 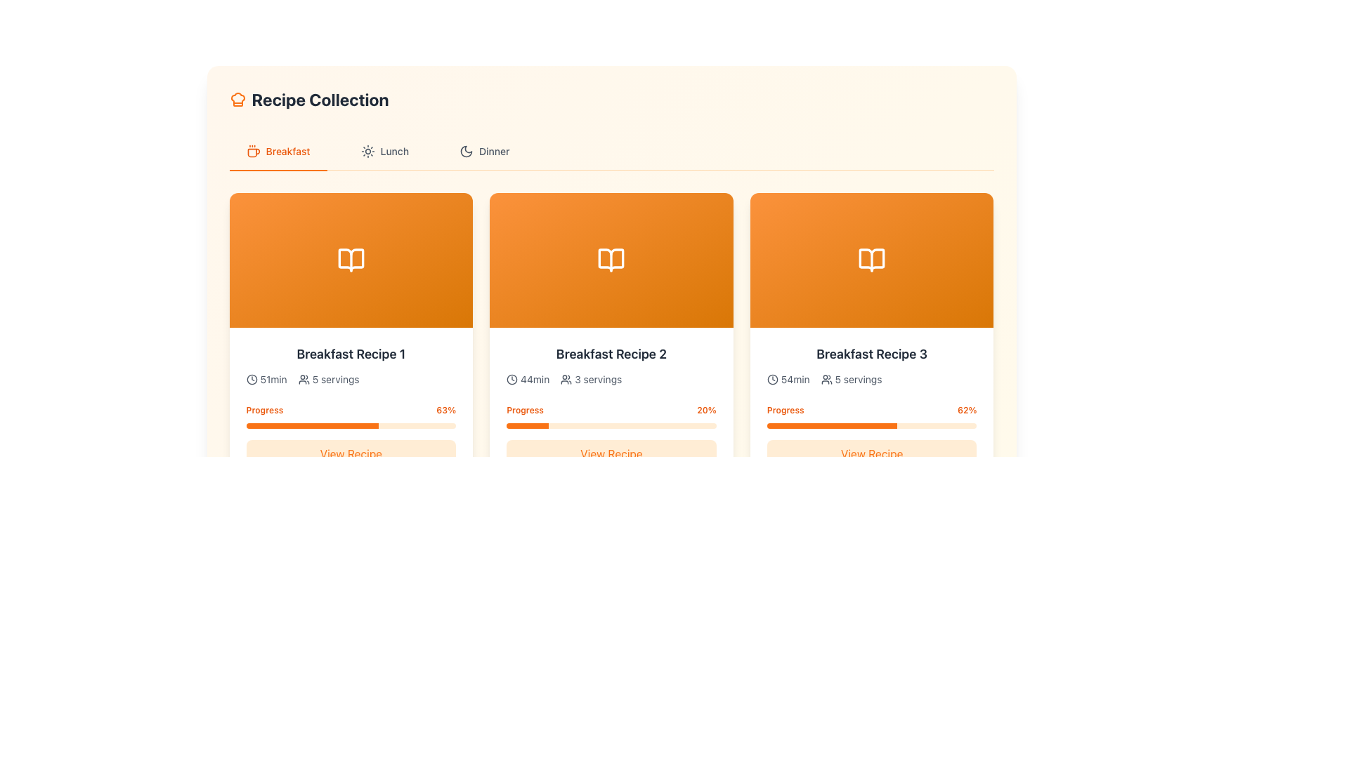 What do you see at coordinates (351, 260) in the screenshot?
I see `the icon representing 'Breakfast Recipe 1' for accessibility in the recipe collection interface` at bounding box center [351, 260].